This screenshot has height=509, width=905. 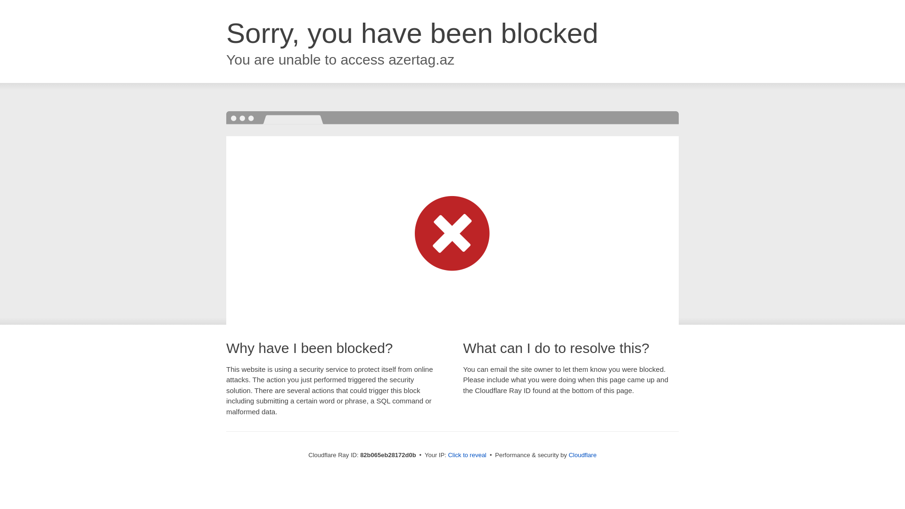 I want to click on 'Click to reveal', so click(x=447, y=454).